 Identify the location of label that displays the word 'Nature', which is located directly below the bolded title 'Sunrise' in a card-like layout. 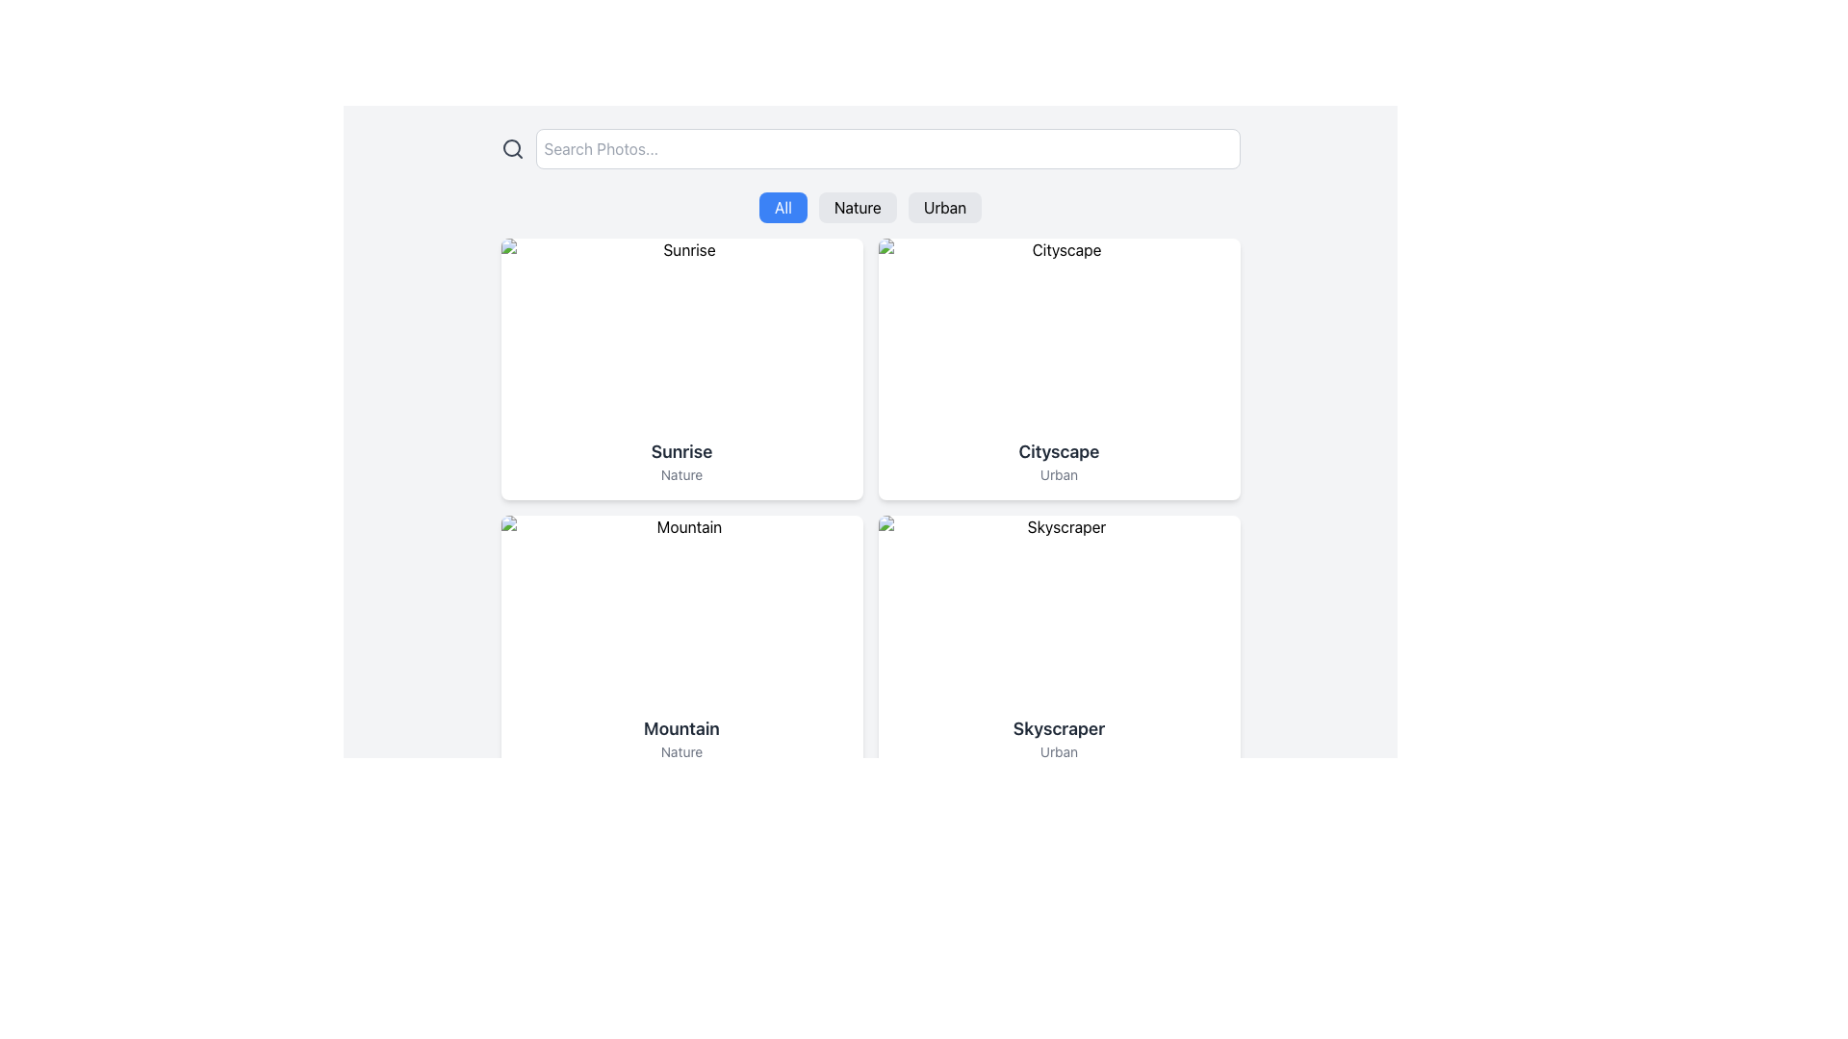
(681, 474).